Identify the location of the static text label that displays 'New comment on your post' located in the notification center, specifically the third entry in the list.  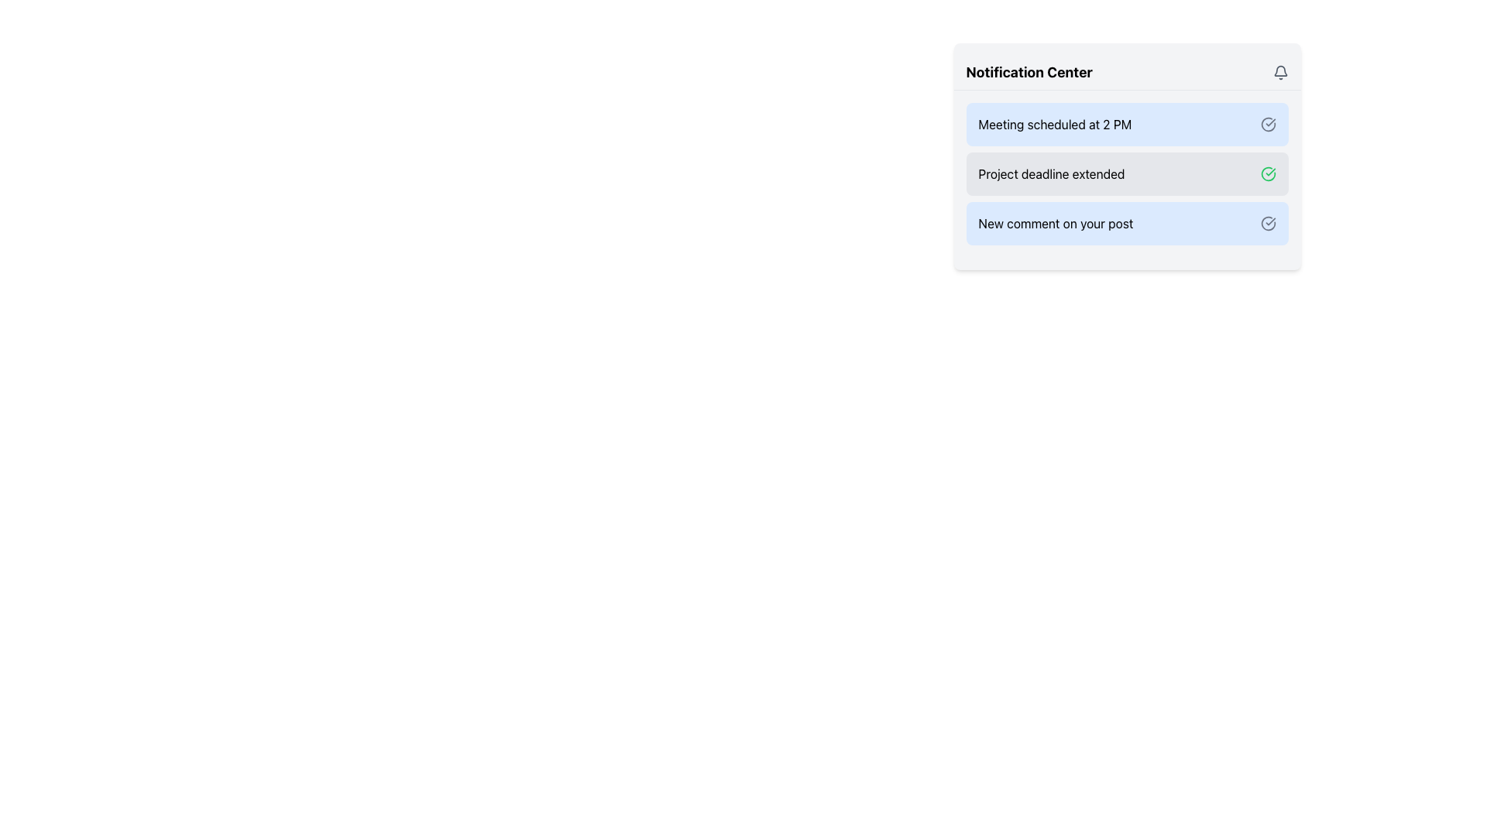
(1055, 224).